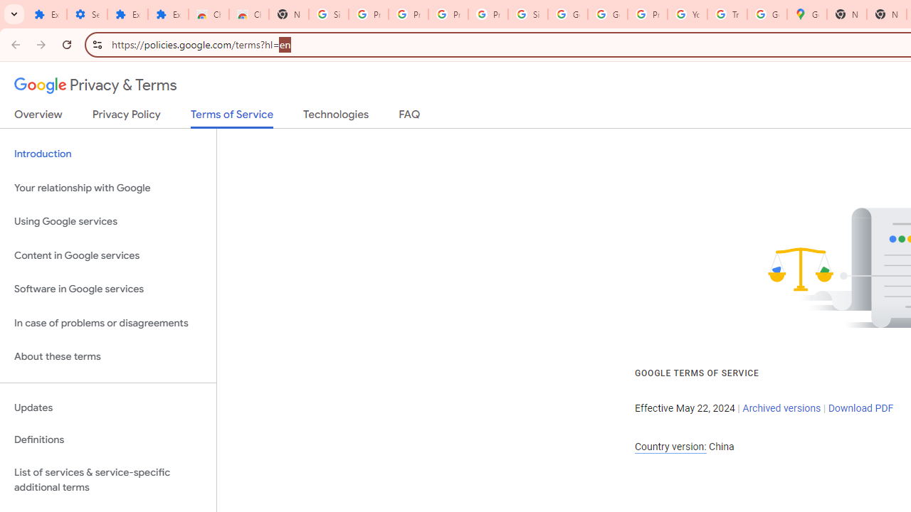  Describe the element at coordinates (208, 14) in the screenshot. I see `'Chrome Web Store'` at that location.